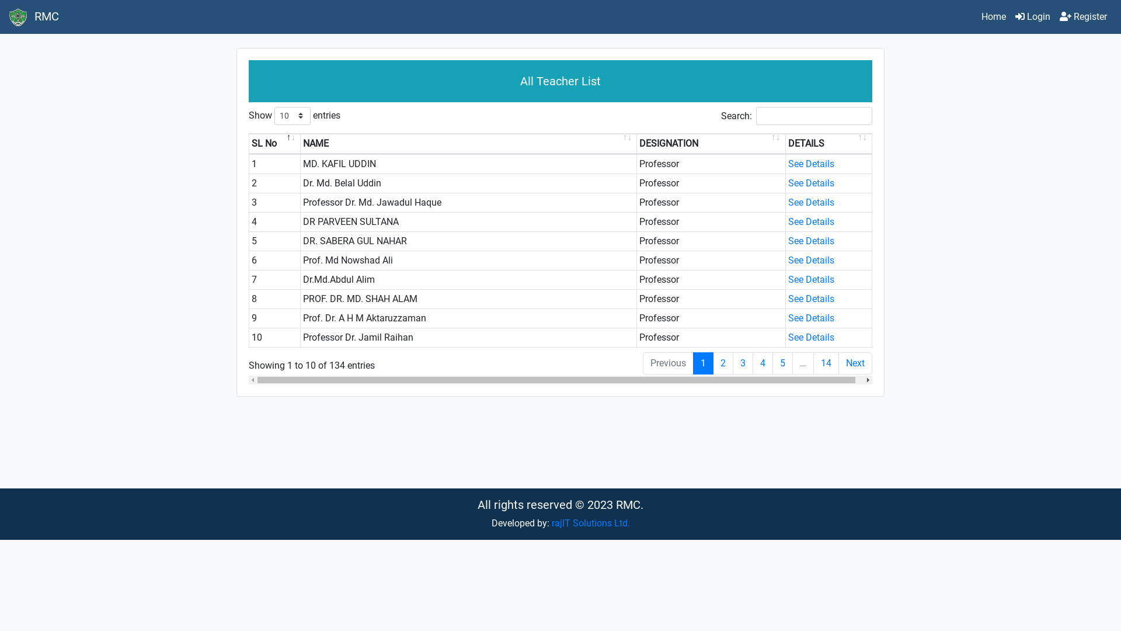 The width and height of the screenshot is (1121, 631). What do you see at coordinates (810, 279) in the screenshot?
I see `'See Details'` at bounding box center [810, 279].